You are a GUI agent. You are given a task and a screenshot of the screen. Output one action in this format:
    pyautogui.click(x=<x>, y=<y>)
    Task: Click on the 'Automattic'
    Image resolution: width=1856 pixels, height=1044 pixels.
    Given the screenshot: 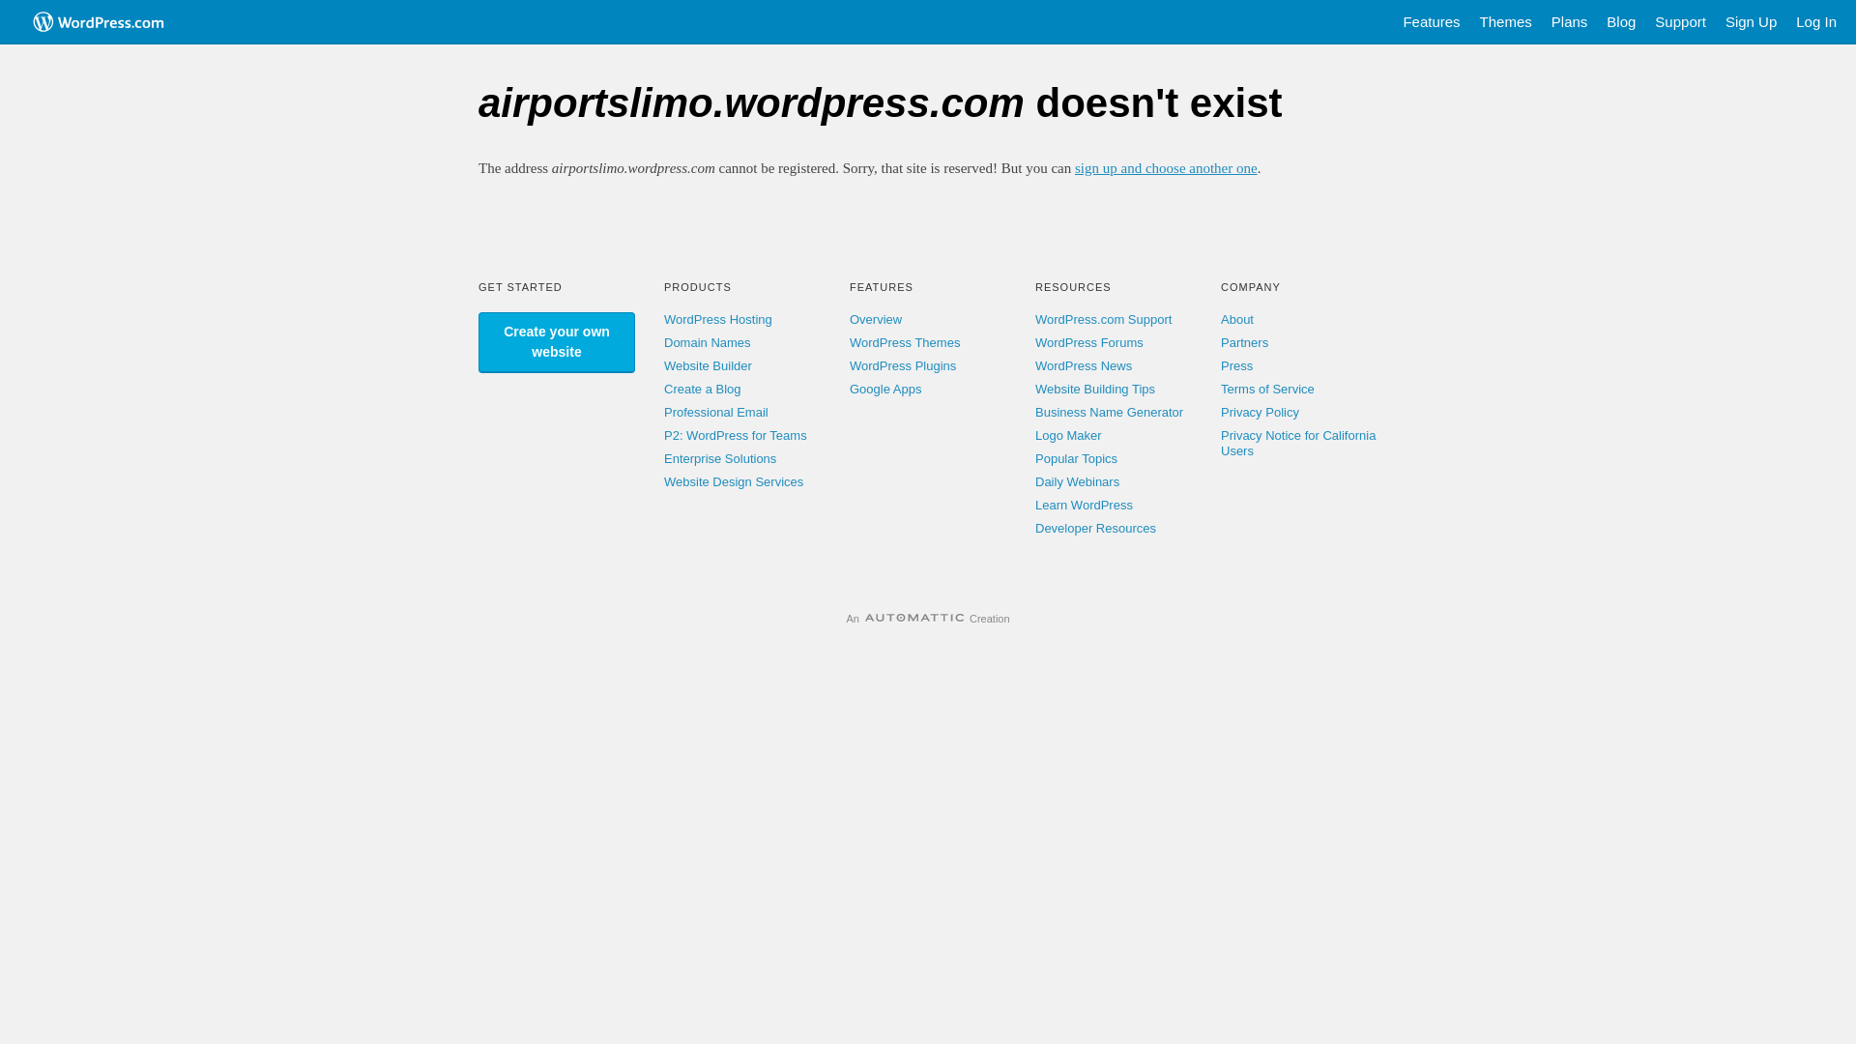 What is the action you would take?
    pyautogui.click(x=913, y=619)
    